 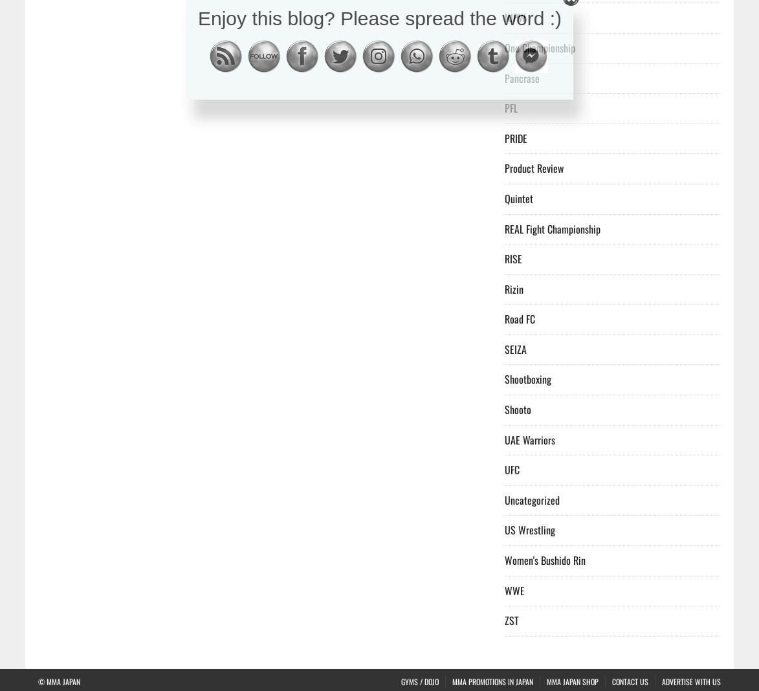 What do you see at coordinates (516, 137) in the screenshot?
I see `'PRIDE'` at bounding box center [516, 137].